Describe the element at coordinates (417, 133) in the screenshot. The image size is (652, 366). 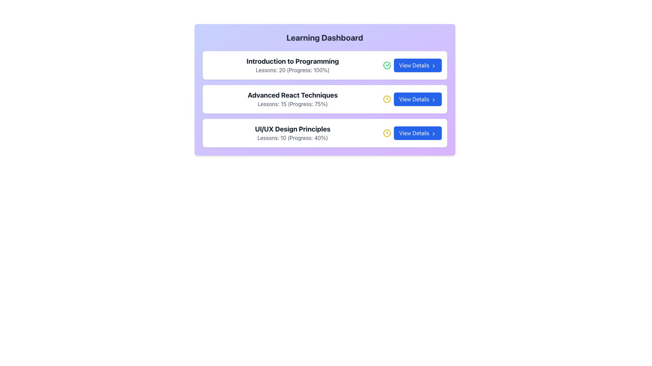
I see `the third 'View Details' button located on the right side of the 'UI/UX Design Principles' card in the 'Learning Dashboard'` at that location.